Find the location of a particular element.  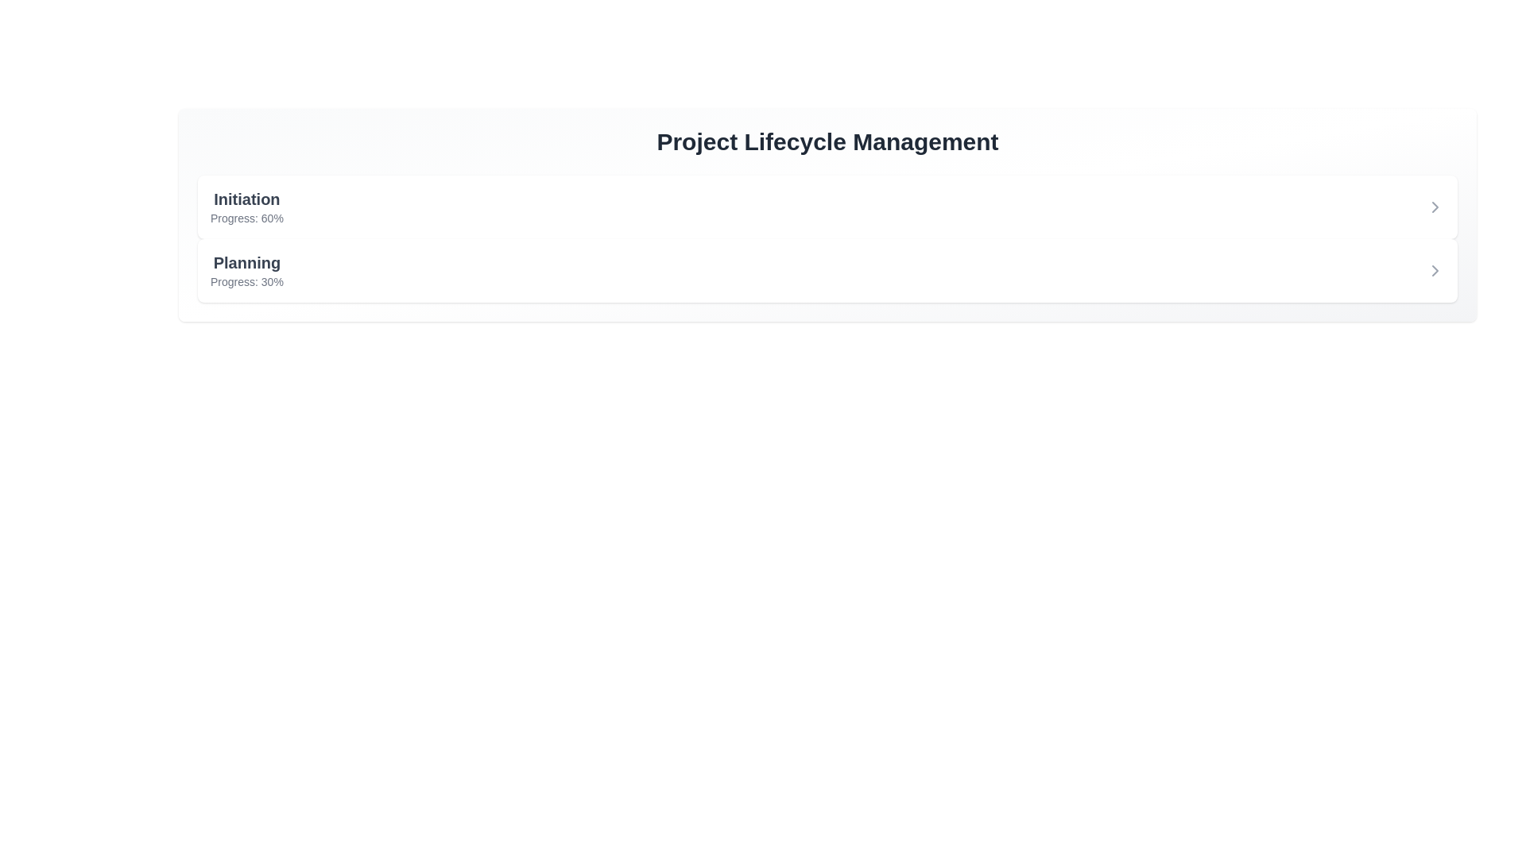

the static text label that provides progress information for the 'Initiation' stage, located beneath the 'Initiation' label is located at coordinates (246, 218).